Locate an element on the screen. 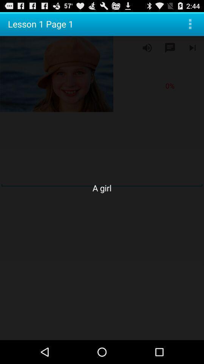 This screenshot has width=204, height=364. the chat icon is located at coordinates (170, 50).